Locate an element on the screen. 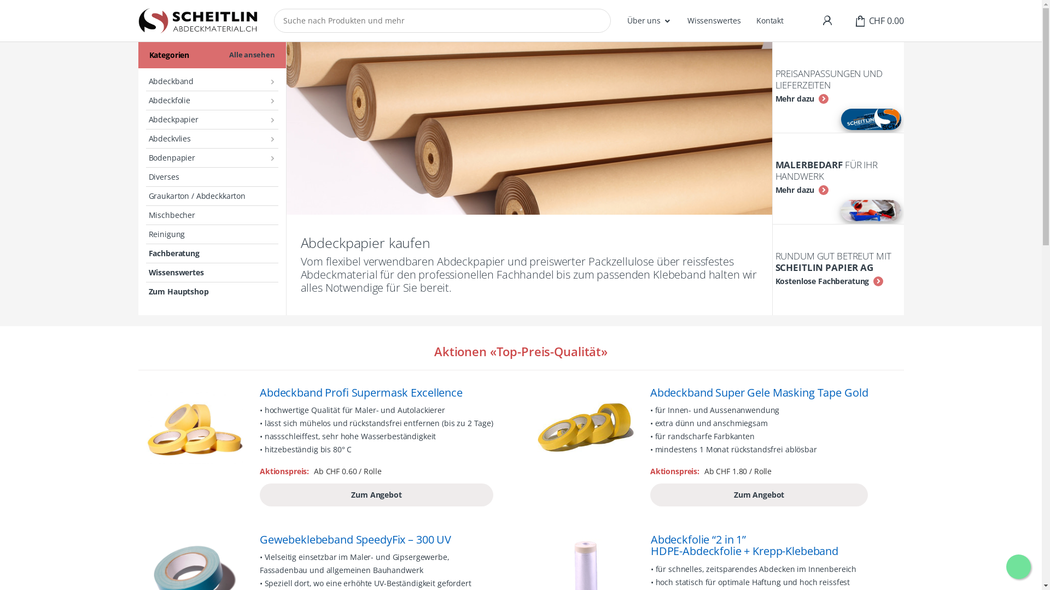  'Kontakt' is located at coordinates (755, 21).